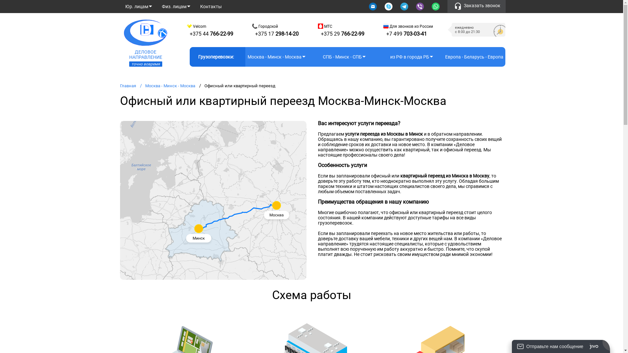 The width and height of the screenshot is (628, 353). I want to click on 'Skype', so click(389, 6).